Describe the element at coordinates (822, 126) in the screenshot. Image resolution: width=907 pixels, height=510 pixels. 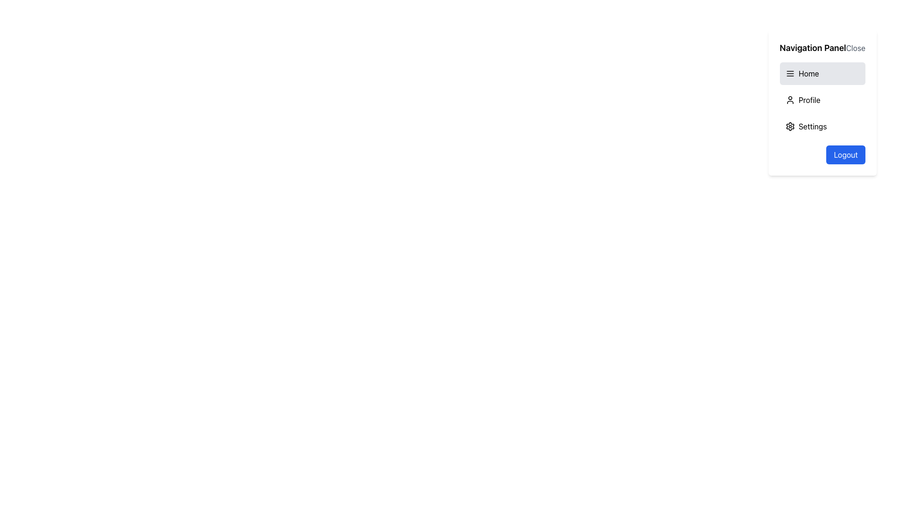
I see `the navigation button located in the sidebar panel, which is the third item in the list` at that location.